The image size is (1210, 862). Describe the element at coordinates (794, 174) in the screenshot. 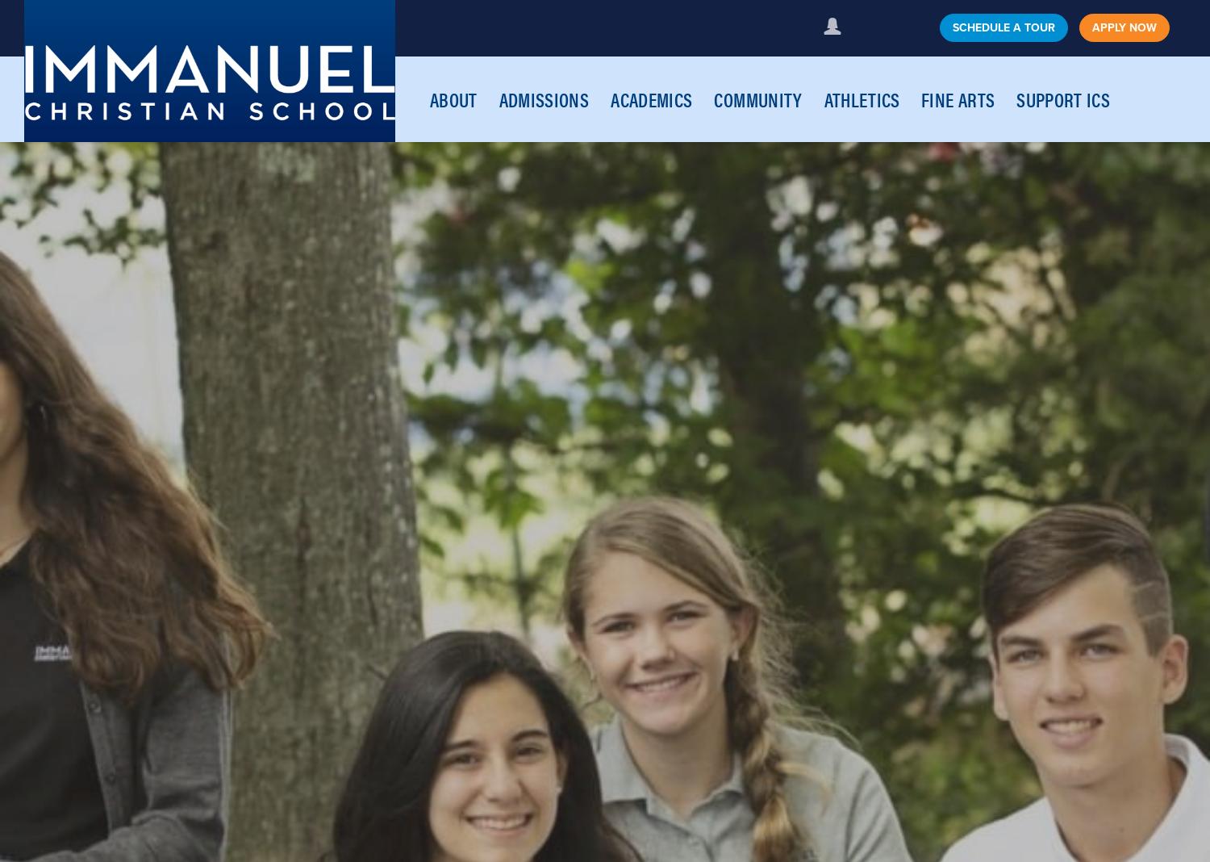

I see `'Leaving a Legacy'` at that location.